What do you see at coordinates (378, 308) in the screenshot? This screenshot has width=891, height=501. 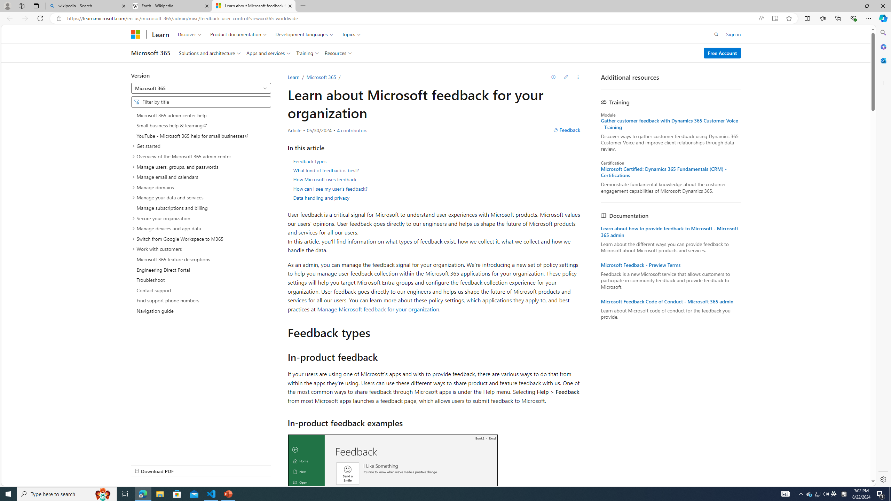 I see `'Manage Microsoft feedback for your organization'` at bounding box center [378, 308].